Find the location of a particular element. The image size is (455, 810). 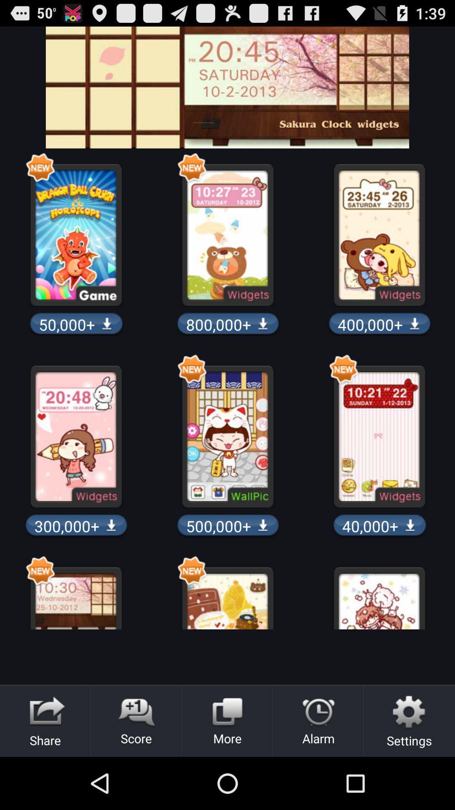

clock widget is located at coordinates (227, 87).